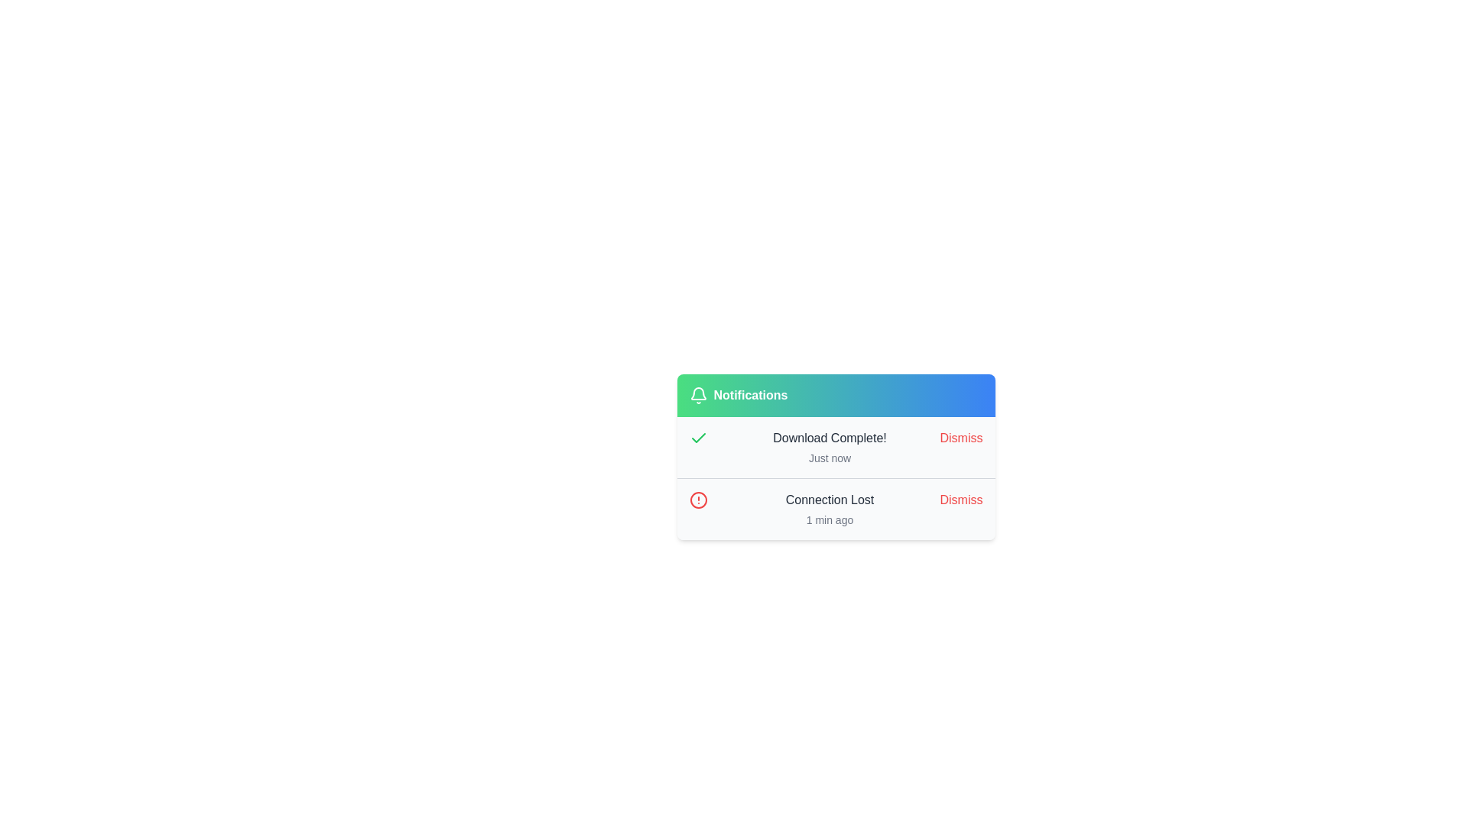  What do you see at coordinates (697, 438) in the screenshot?
I see `the green checkmark icon located at the top-left corner of the notification card, aligned with the 'Download Complete!' message` at bounding box center [697, 438].